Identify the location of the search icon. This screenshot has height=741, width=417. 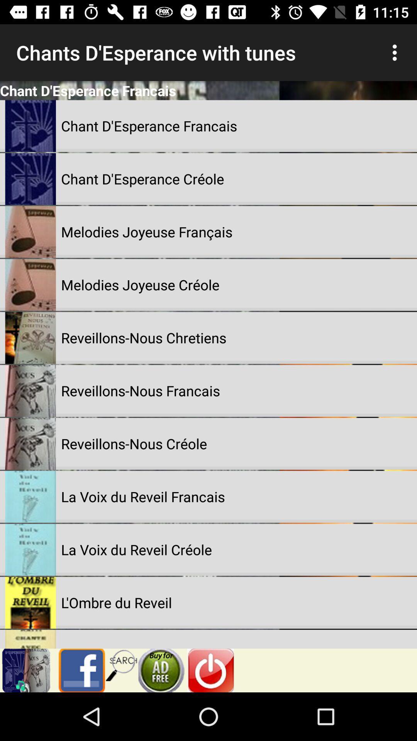
(122, 664).